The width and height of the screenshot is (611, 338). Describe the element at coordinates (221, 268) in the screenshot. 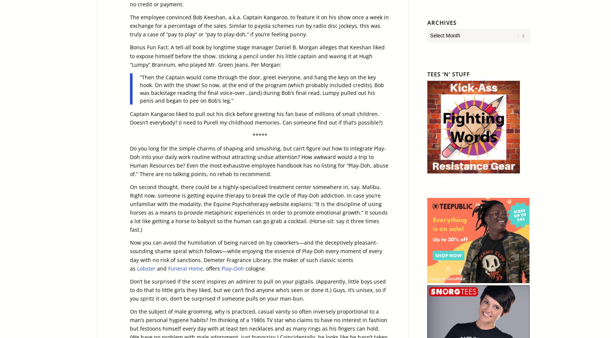

I see `'Play'` at that location.